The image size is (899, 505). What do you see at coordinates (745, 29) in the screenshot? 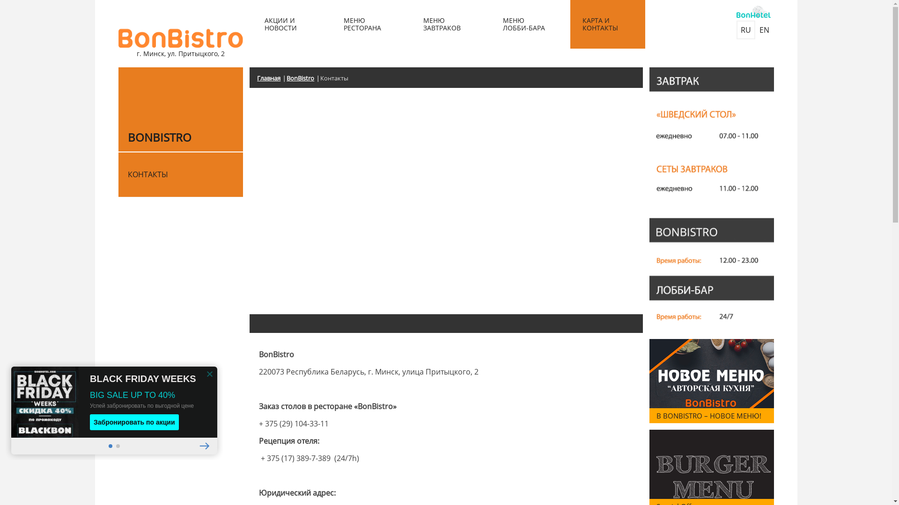
I see `'RU'` at bounding box center [745, 29].